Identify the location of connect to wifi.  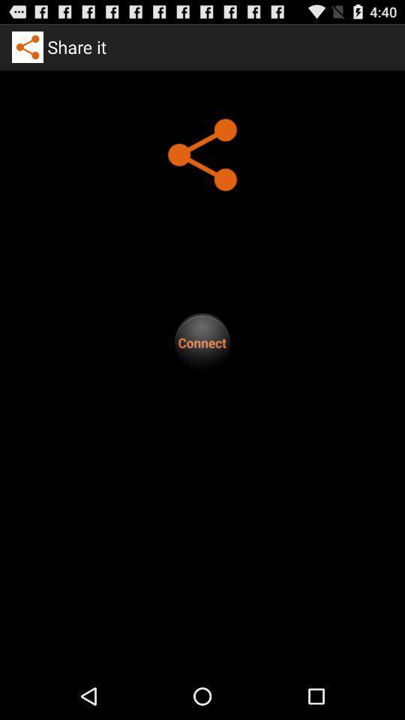
(202, 342).